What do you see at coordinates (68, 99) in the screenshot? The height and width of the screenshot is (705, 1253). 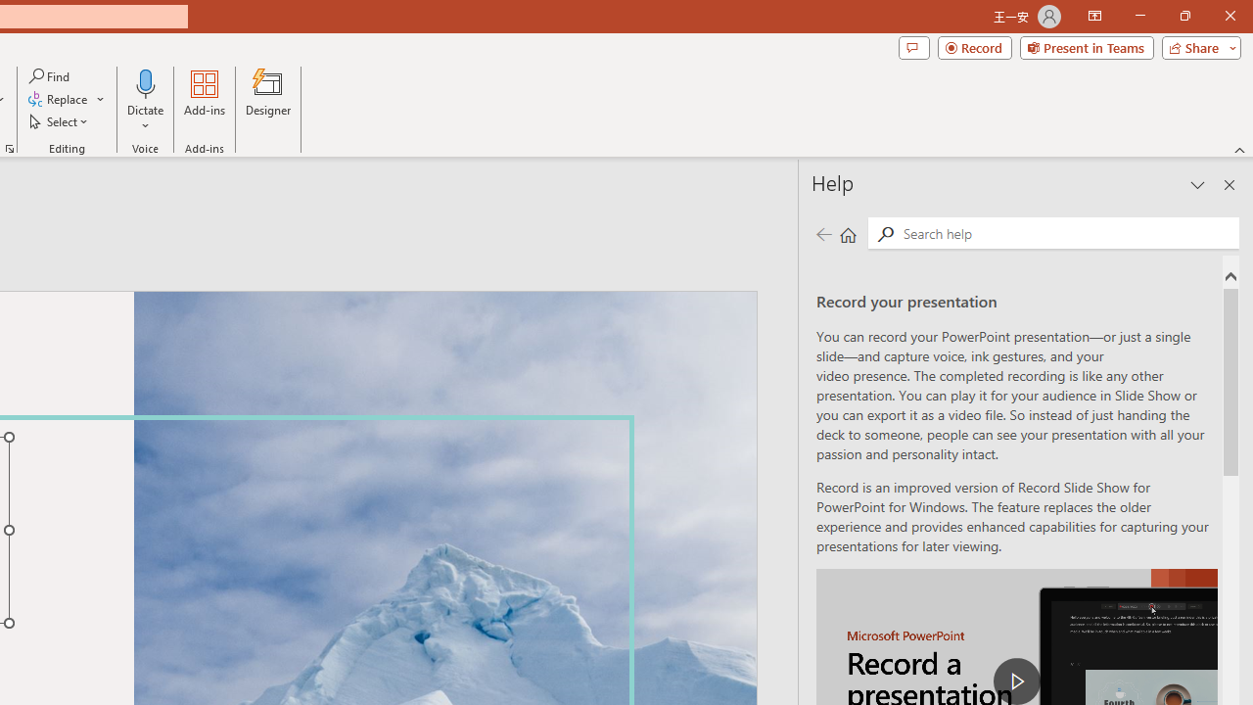 I see `'Replace...'` at bounding box center [68, 99].